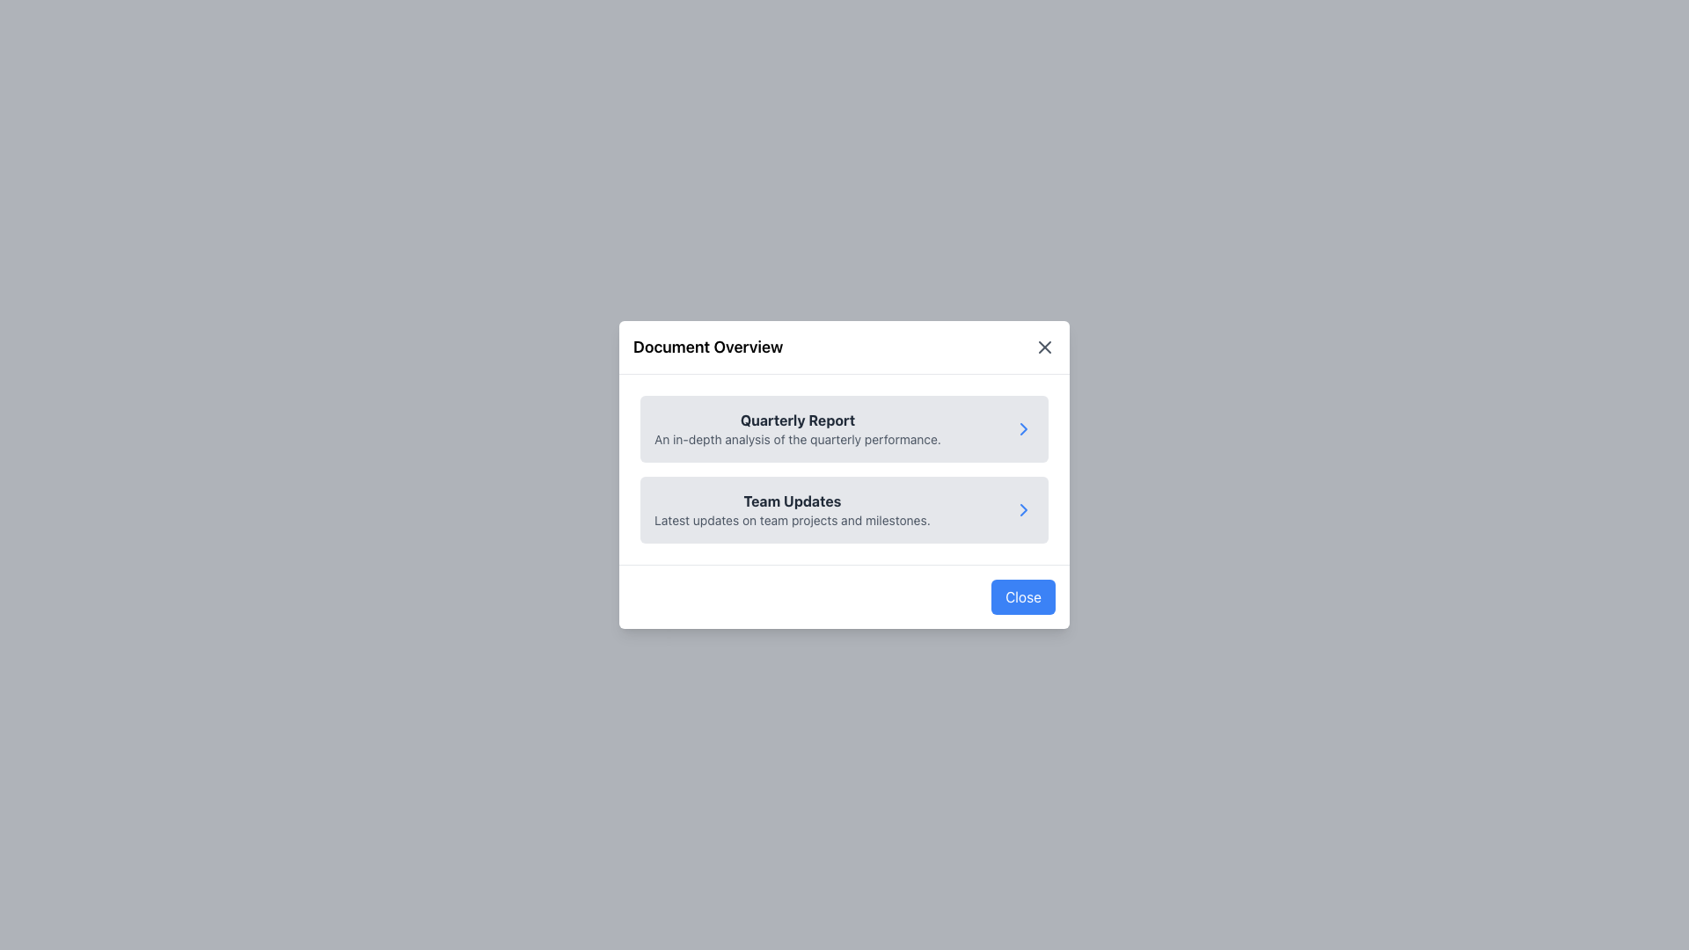 This screenshot has width=1689, height=950. I want to click on text from the descriptive subtitle located within the 'Team Updates' card, positioned directly below the heading 'Team Updates.', so click(791, 519).